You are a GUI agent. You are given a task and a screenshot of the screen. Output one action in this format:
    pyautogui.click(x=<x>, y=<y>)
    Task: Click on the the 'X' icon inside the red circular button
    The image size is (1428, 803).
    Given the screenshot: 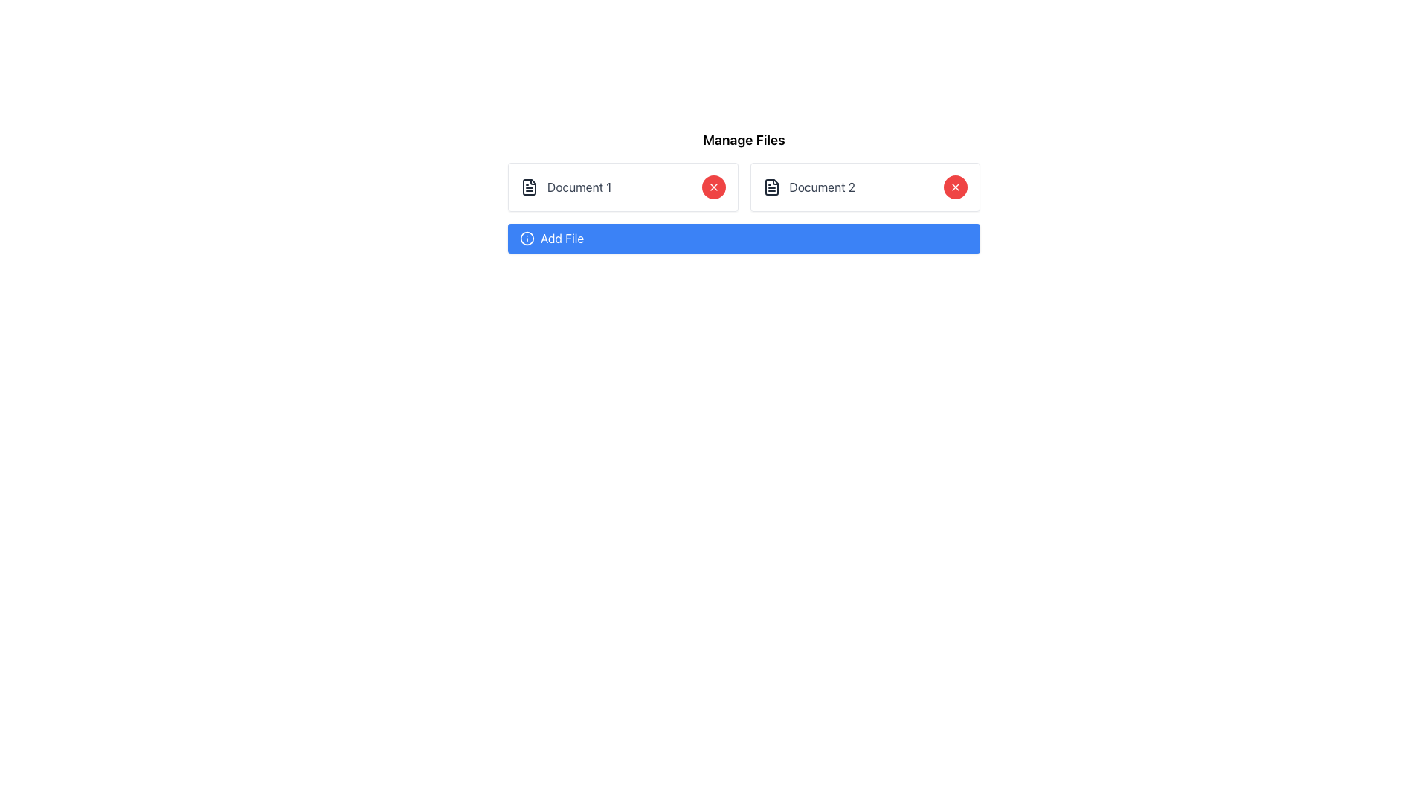 What is the action you would take?
    pyautogui.click(x=956, y=186)
    